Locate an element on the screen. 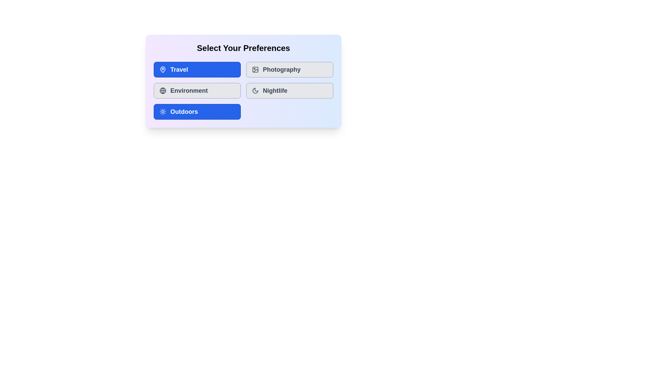 The width and height of the screenshot is (653, 367). the category Environment is located at coordinates (197, 90).